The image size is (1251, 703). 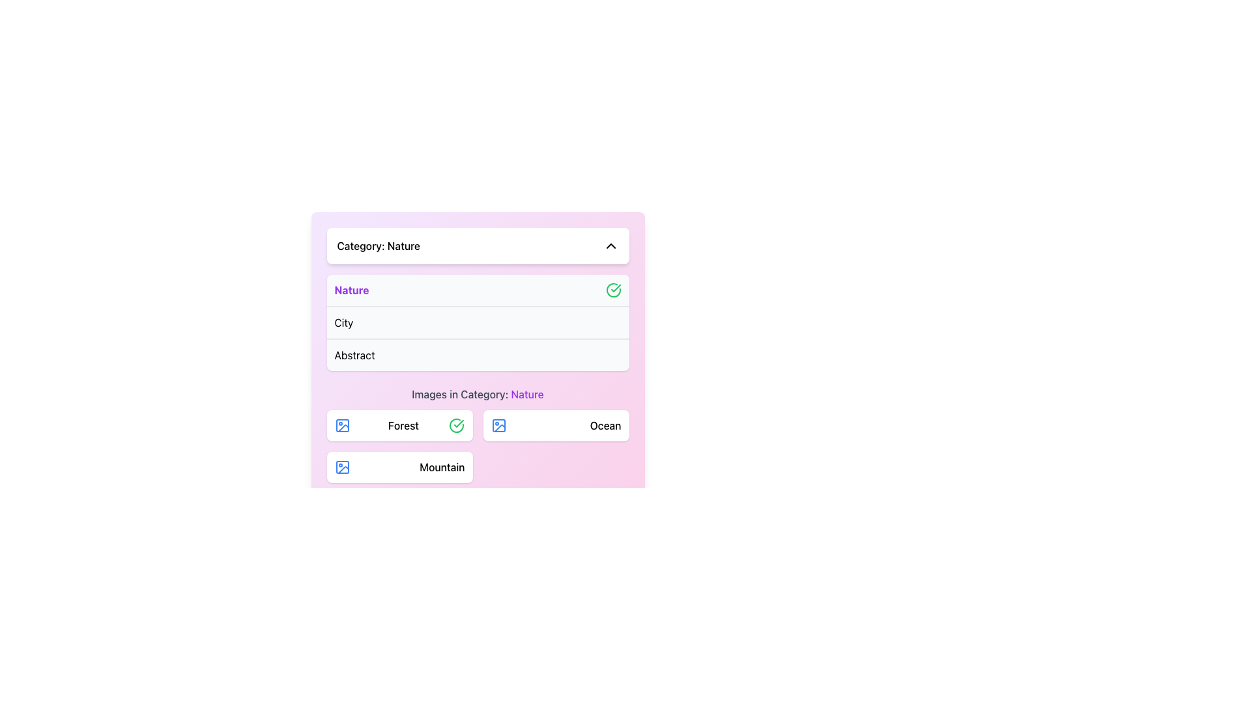 I want to click on the Chevron-Up icon, which has a black stroke and is positioned at the upper right corner of the 'Category: Nature' header, so click(x=610, y=246).